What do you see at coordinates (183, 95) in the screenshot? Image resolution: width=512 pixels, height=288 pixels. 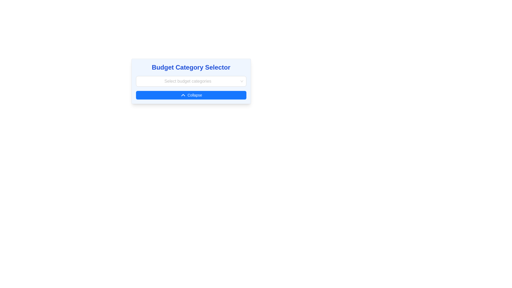 I see `the chevron-up icon located within the 'Collapse' button, which has a blue background and white text` at bounding box center [183, 95].